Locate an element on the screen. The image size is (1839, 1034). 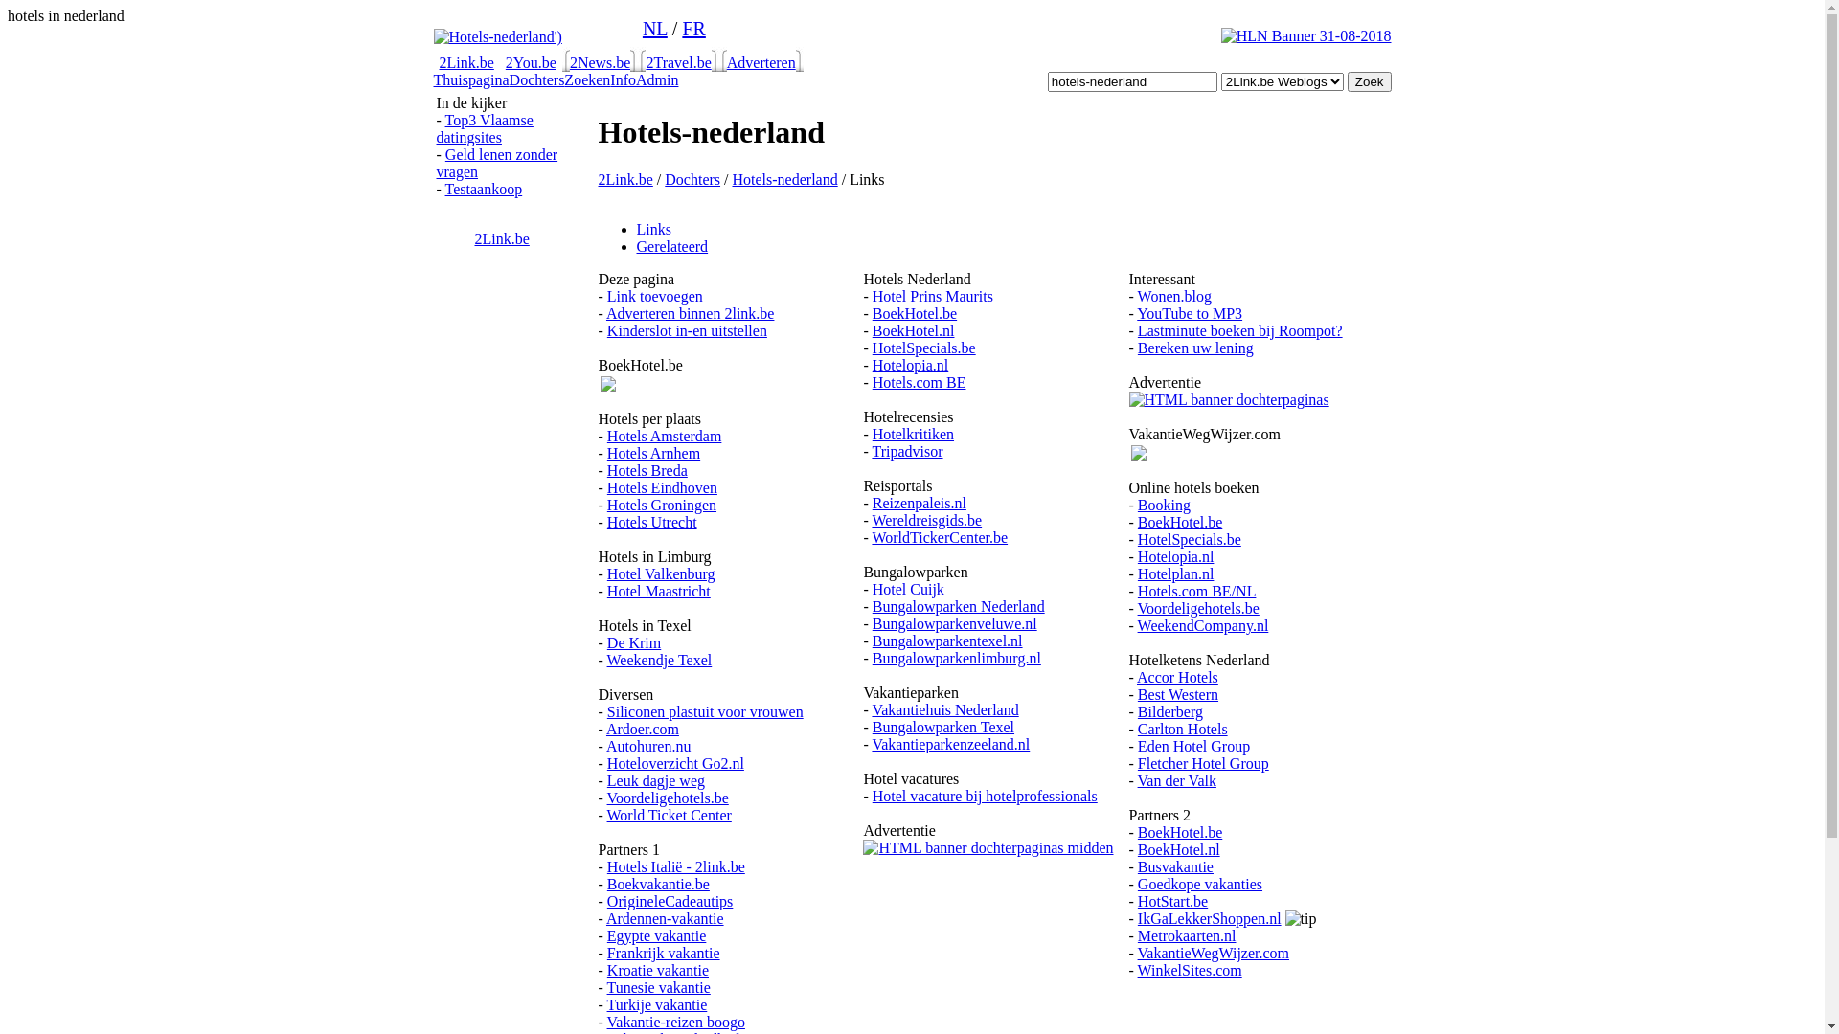
'Turkije vakantie' is located at coordinates (657, 1003).